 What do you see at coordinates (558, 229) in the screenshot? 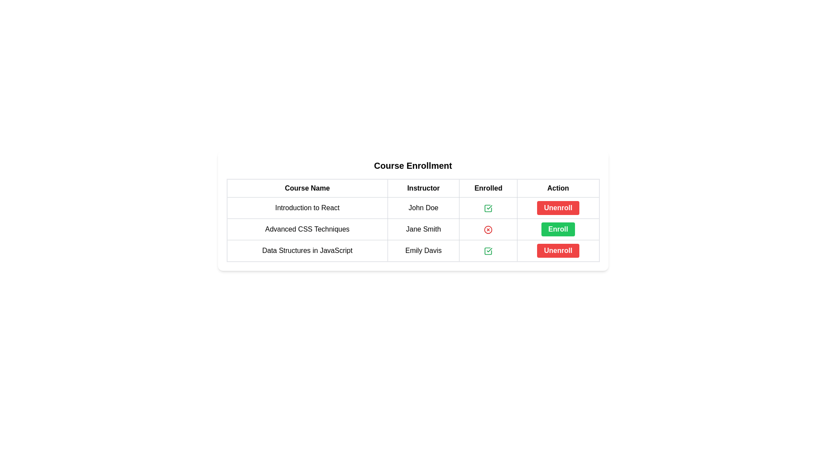
I see `the 'Action' button for the 'Advanced CSS Techniques' course instructed by Jane Smith to enroll in the course` at bounding box center [558, 229].